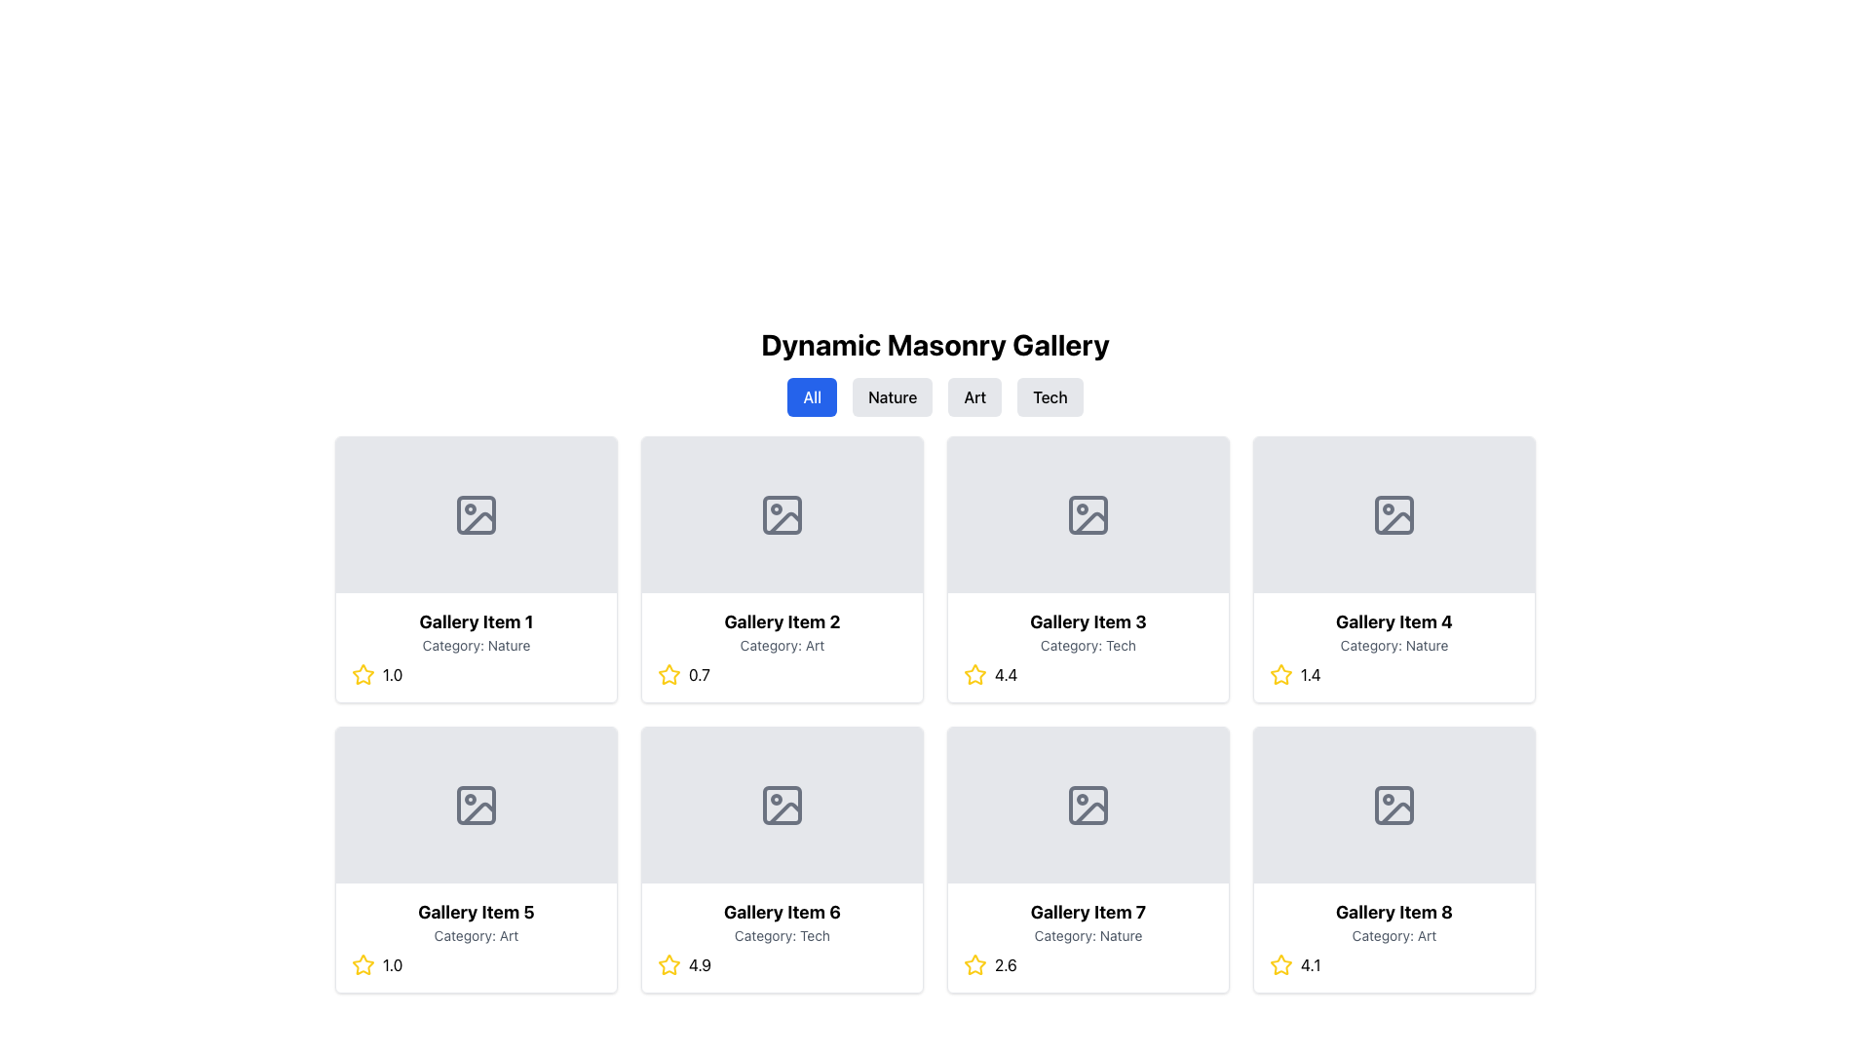 The height and width of the screenshot is (1052, 1871). What do you see at coordinates (782, 805) in the screenshot?
I see `the image placeholder located in the top section of the card labeled 'Gallery Item 6', which is in the middle row, second column of the grid of cards` at bounding box center [782, 805].